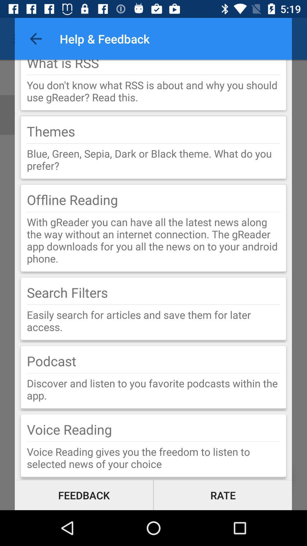 Image resolution: width=307 pixels, height=546 pixels. What do you see at coordinates (51, 131) in the screenshot?
I see `themes item` at bounding box center [51, 131].